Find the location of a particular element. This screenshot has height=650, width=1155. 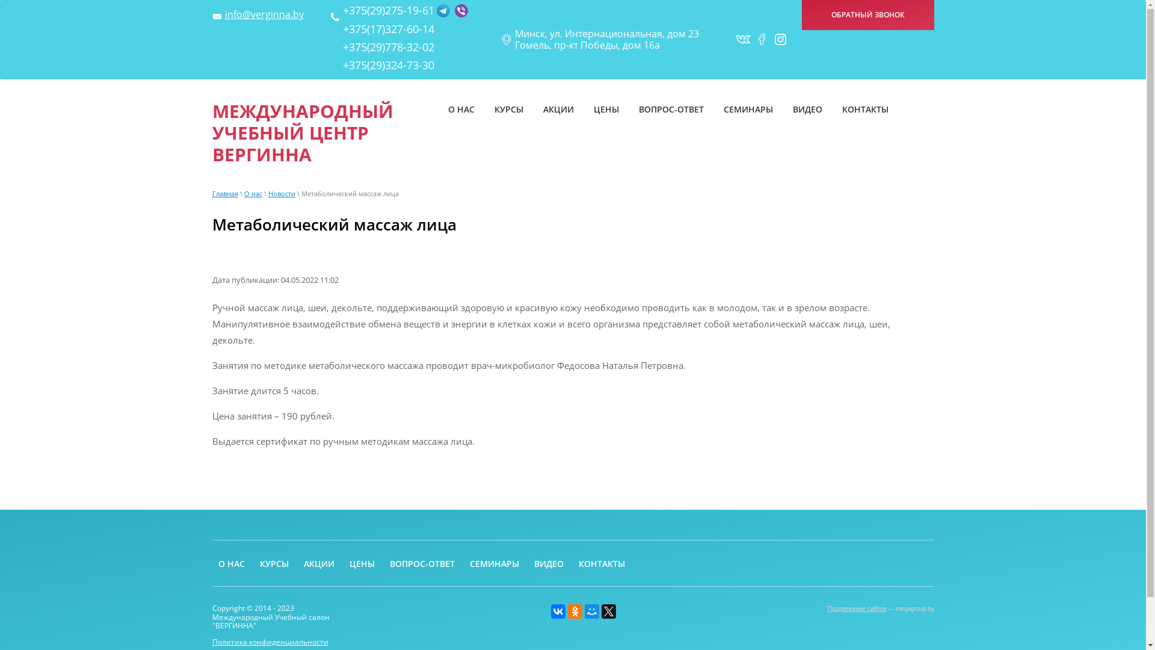

'+375(29)778-32-02' is located at coordinates (389, 46).